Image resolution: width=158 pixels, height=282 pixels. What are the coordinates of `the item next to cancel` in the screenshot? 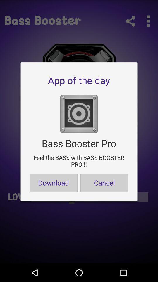 It's located at (54, 182).